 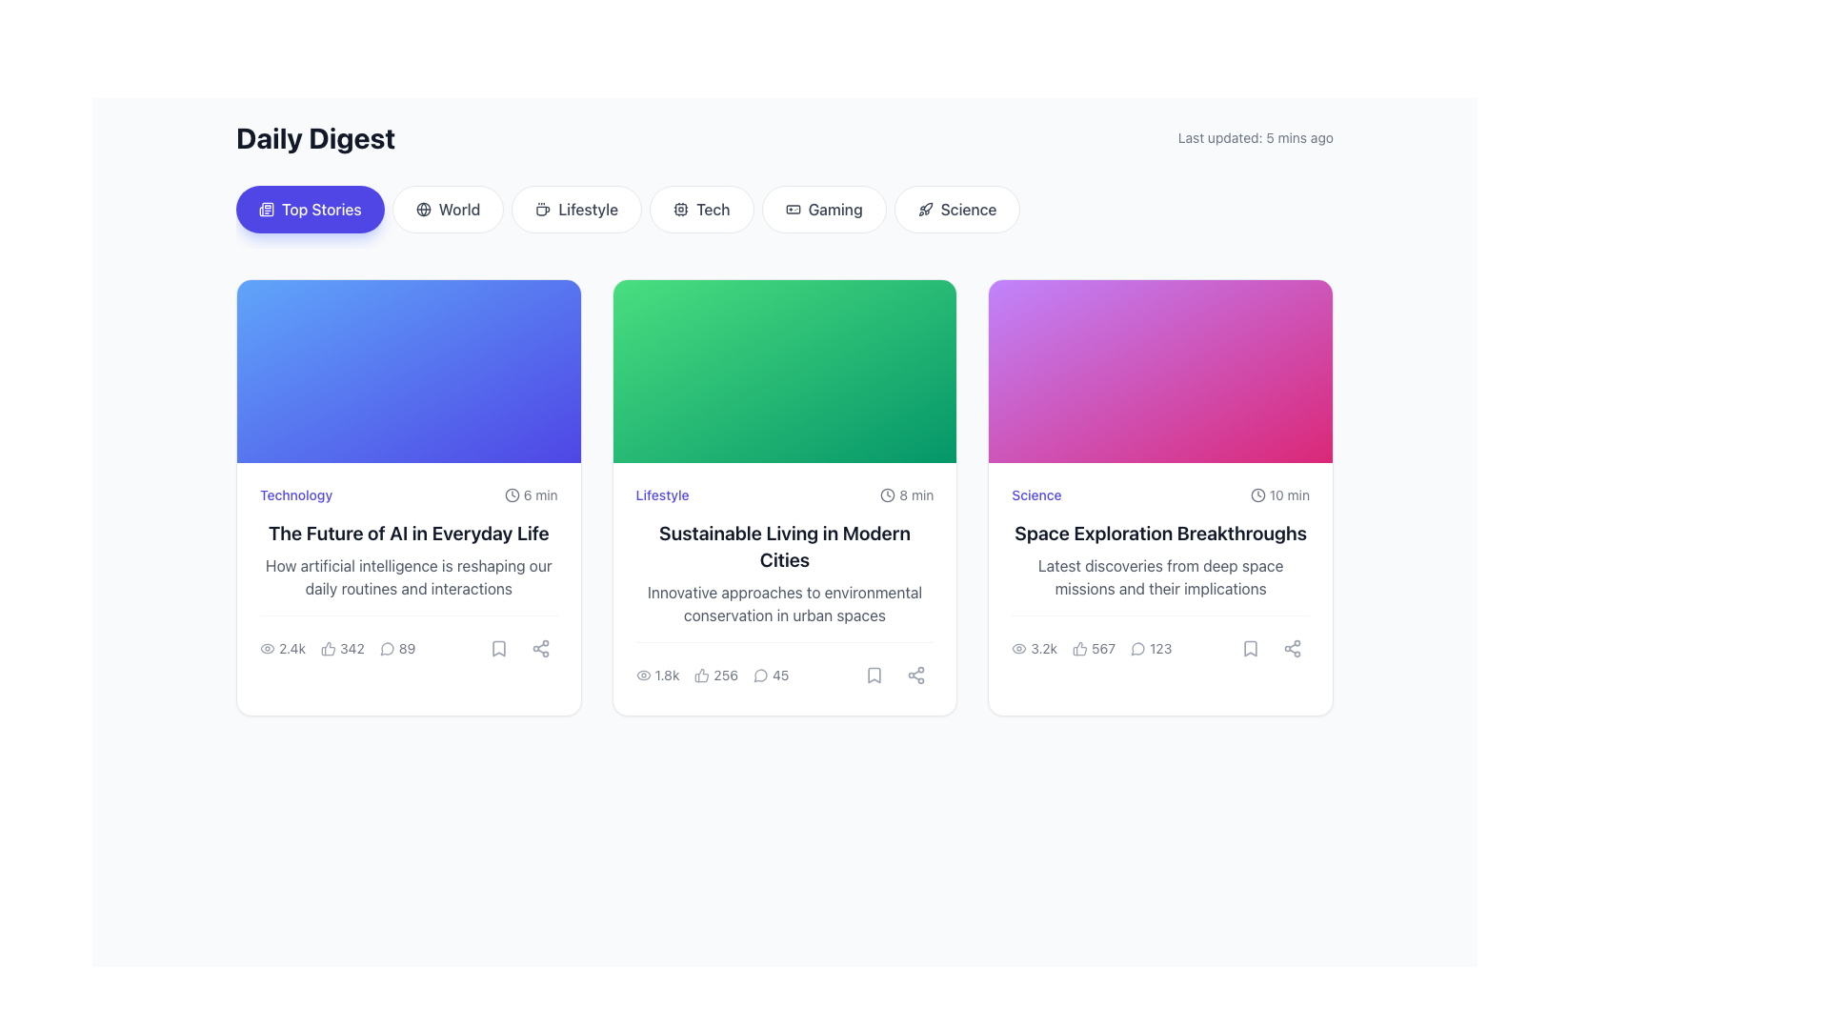 I want to click on the 'World' button, which is a rectangular button with a globe icon and black text on a white background, located between the 'Top Stories' and 'Lifestyle' buttons, so click(x=447, y=209).